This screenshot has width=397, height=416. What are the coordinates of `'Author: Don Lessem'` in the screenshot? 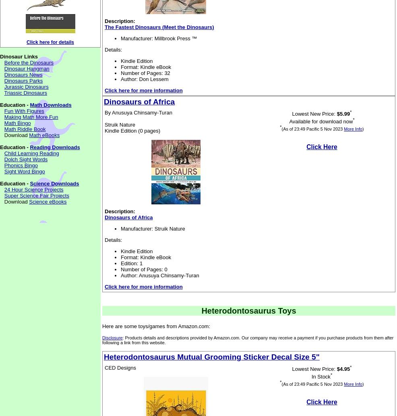 It's located at (144, 79).